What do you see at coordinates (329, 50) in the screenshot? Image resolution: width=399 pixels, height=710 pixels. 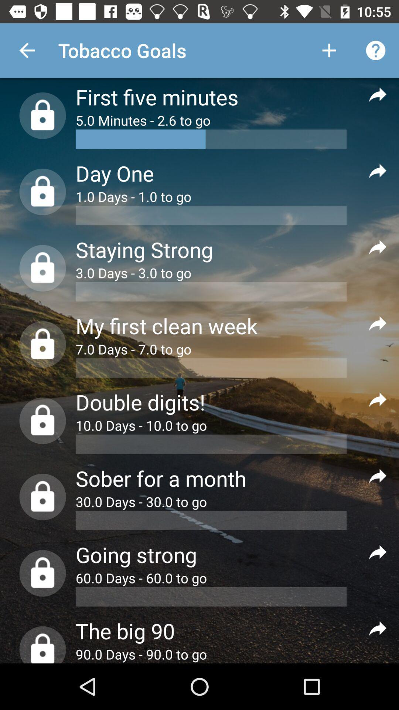 I see `app next to tobacco goals` at bounding box center [329, 50].